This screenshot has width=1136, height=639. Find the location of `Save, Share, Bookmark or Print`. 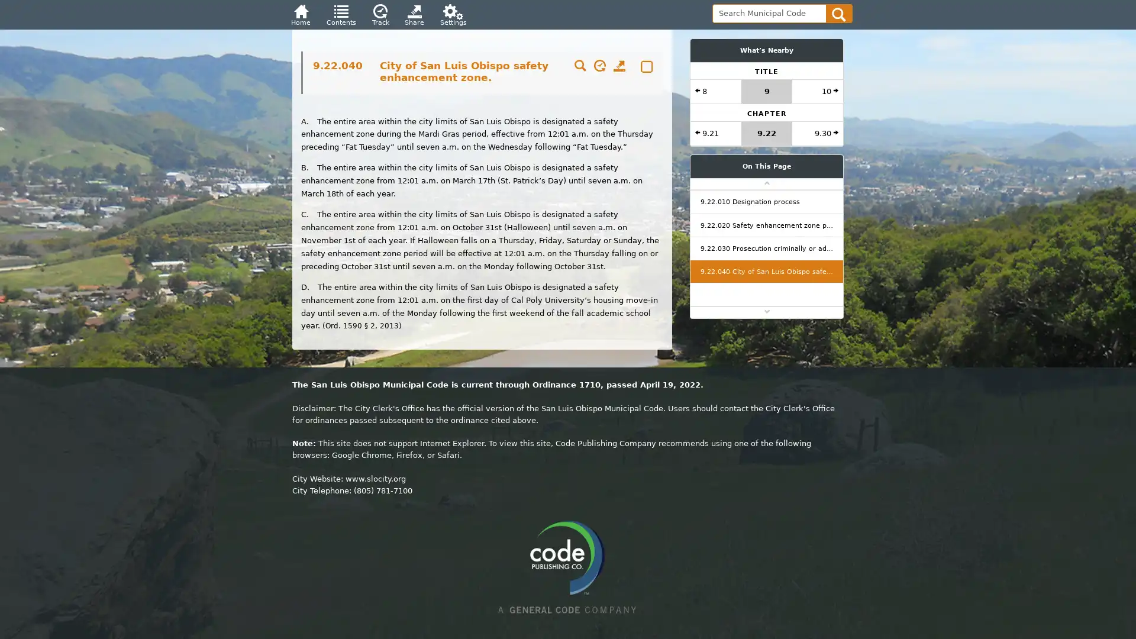

Save, Share, Bookmark or Print is located at coordinates (618, 67).